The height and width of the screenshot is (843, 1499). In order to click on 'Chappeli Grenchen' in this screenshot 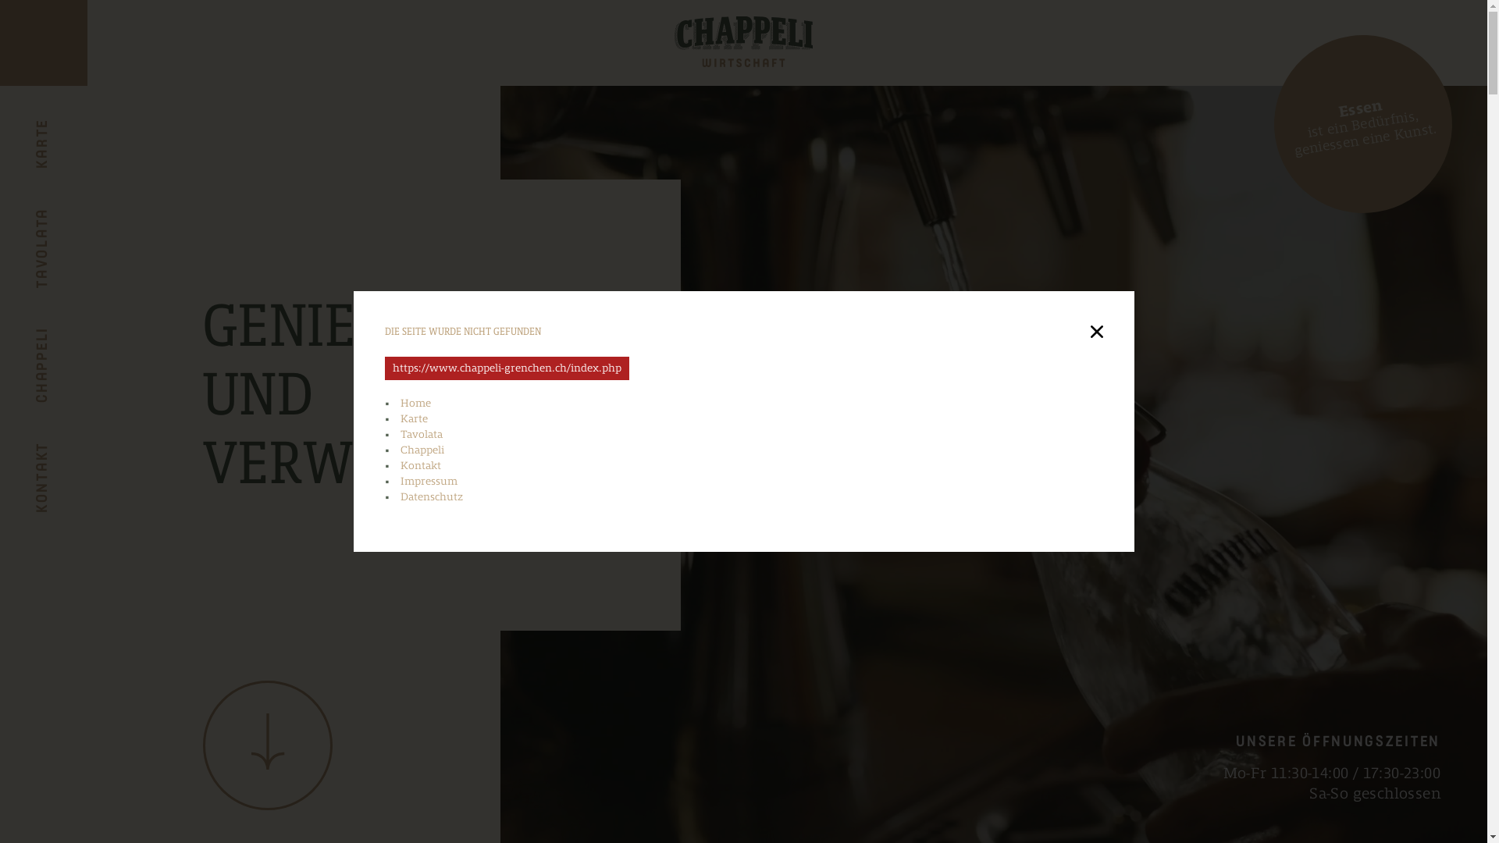, I will do `click(743, 41)`.